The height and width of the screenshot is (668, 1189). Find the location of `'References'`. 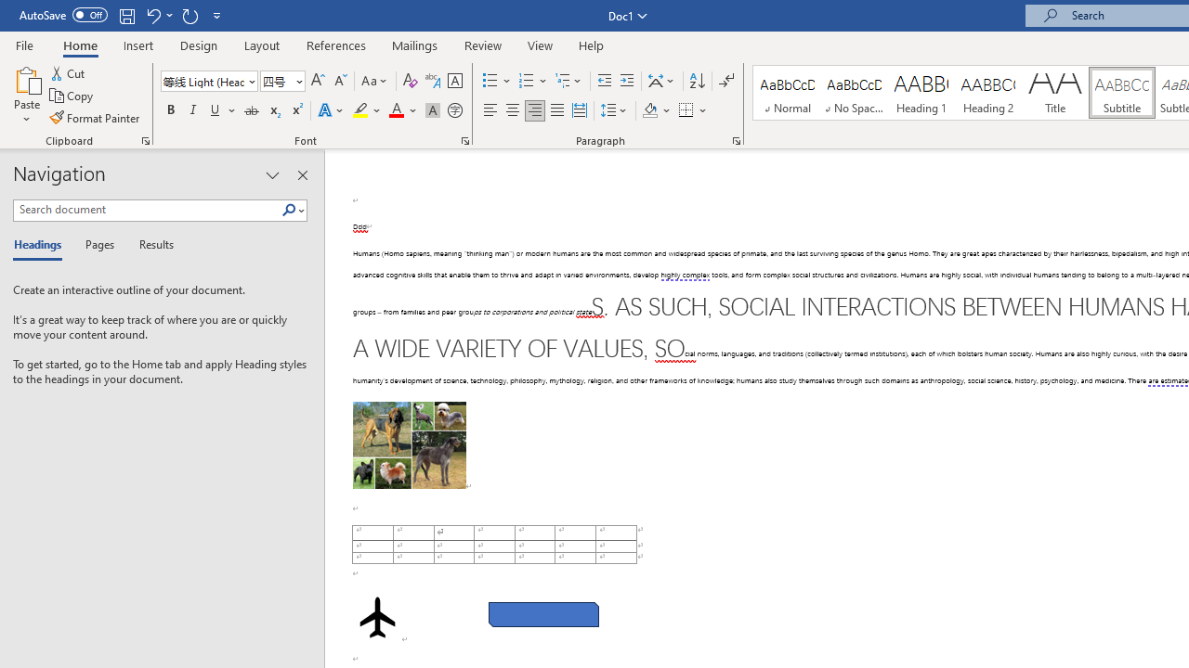

'References' is located at coordinates (336, 45).